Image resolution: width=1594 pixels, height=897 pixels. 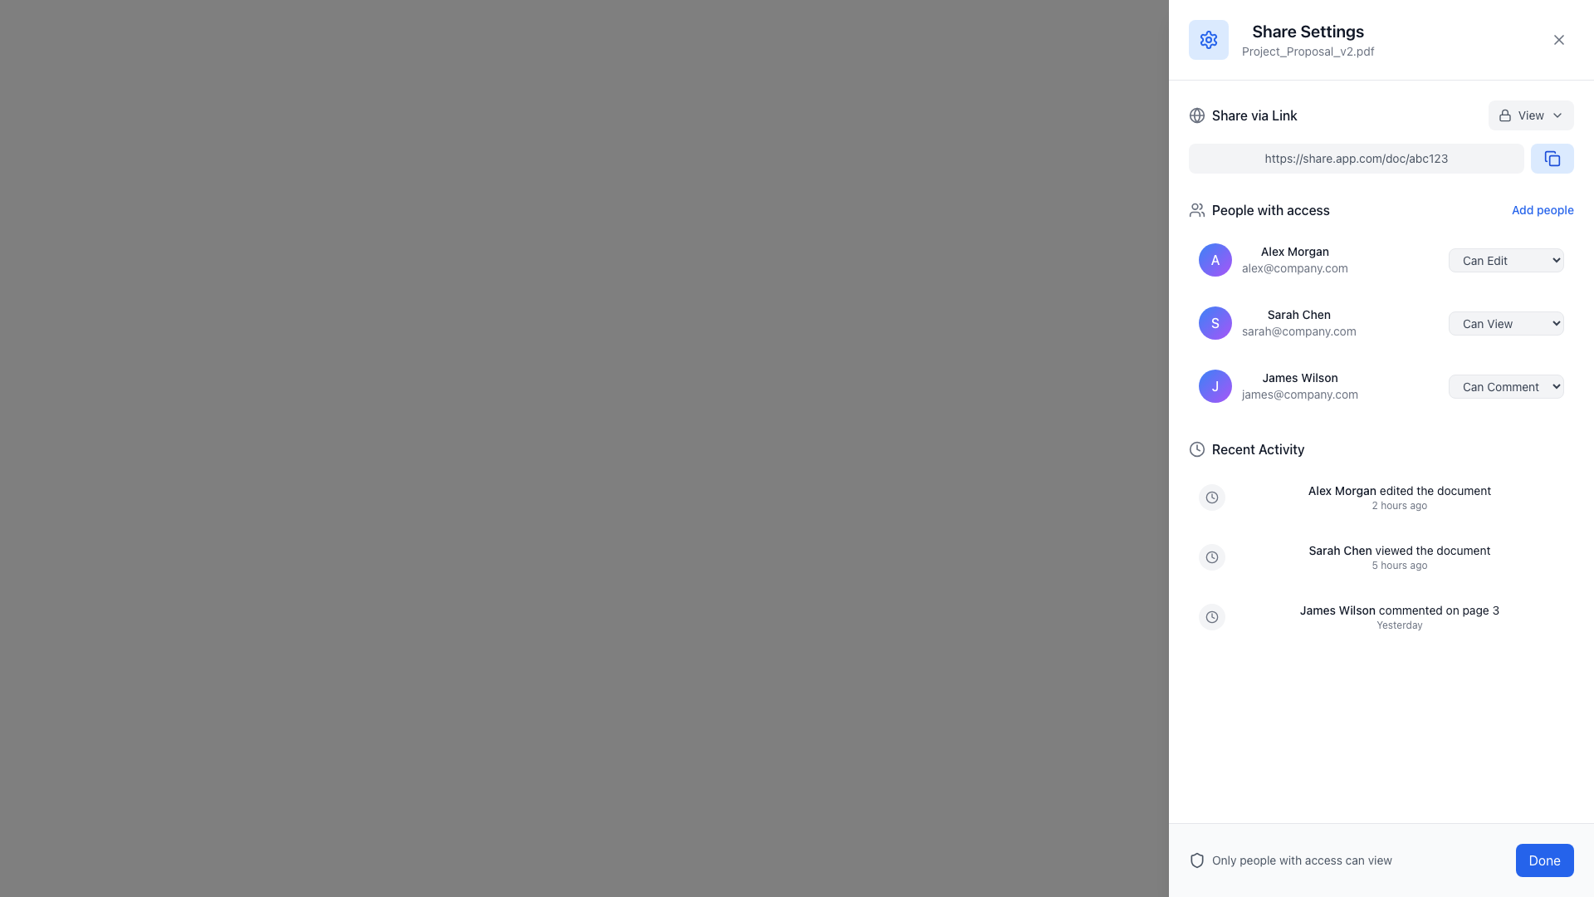 What do you see at coordinates (1549, 156) in the screenshot?
I see `the graphical icon button located in the top-right corner of the user interface, next to the 'Share via Link' section` at bounding box center [1549, 156].